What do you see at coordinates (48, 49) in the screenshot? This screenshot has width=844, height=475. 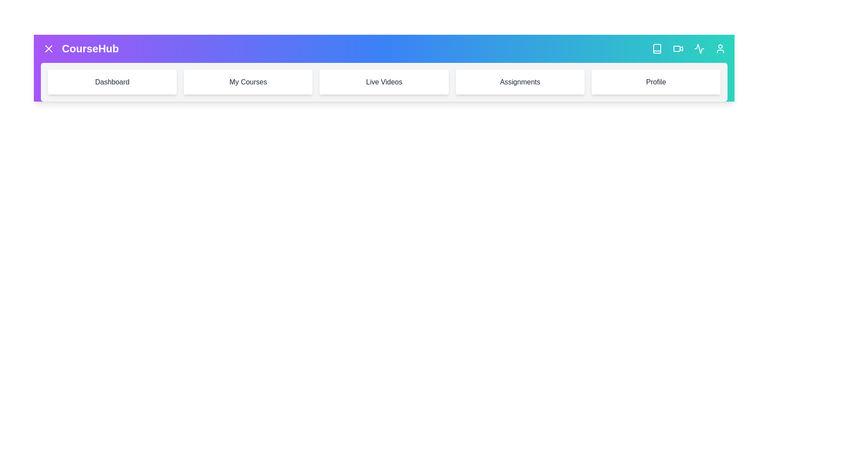 I see `toggle button to change the navigation menu's visibility` at bounding box center [48, 49].